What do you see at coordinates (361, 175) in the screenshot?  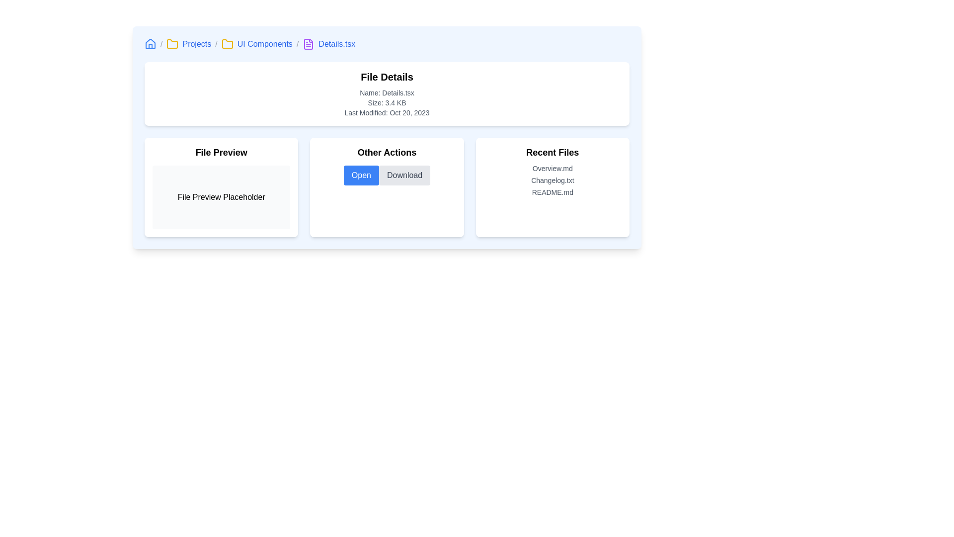 I see `the 'Open' button located under the 'Other Actions' section` at bounding box center [361, 175].